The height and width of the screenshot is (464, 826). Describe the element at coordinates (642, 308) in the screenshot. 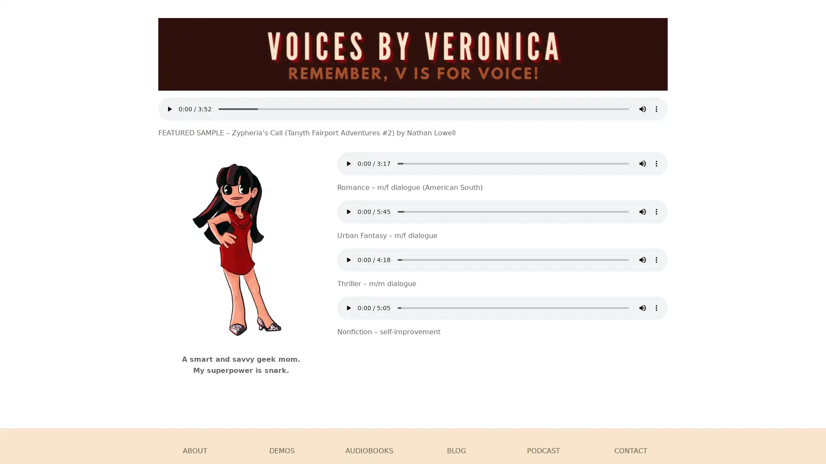

I see `mute` at that location.